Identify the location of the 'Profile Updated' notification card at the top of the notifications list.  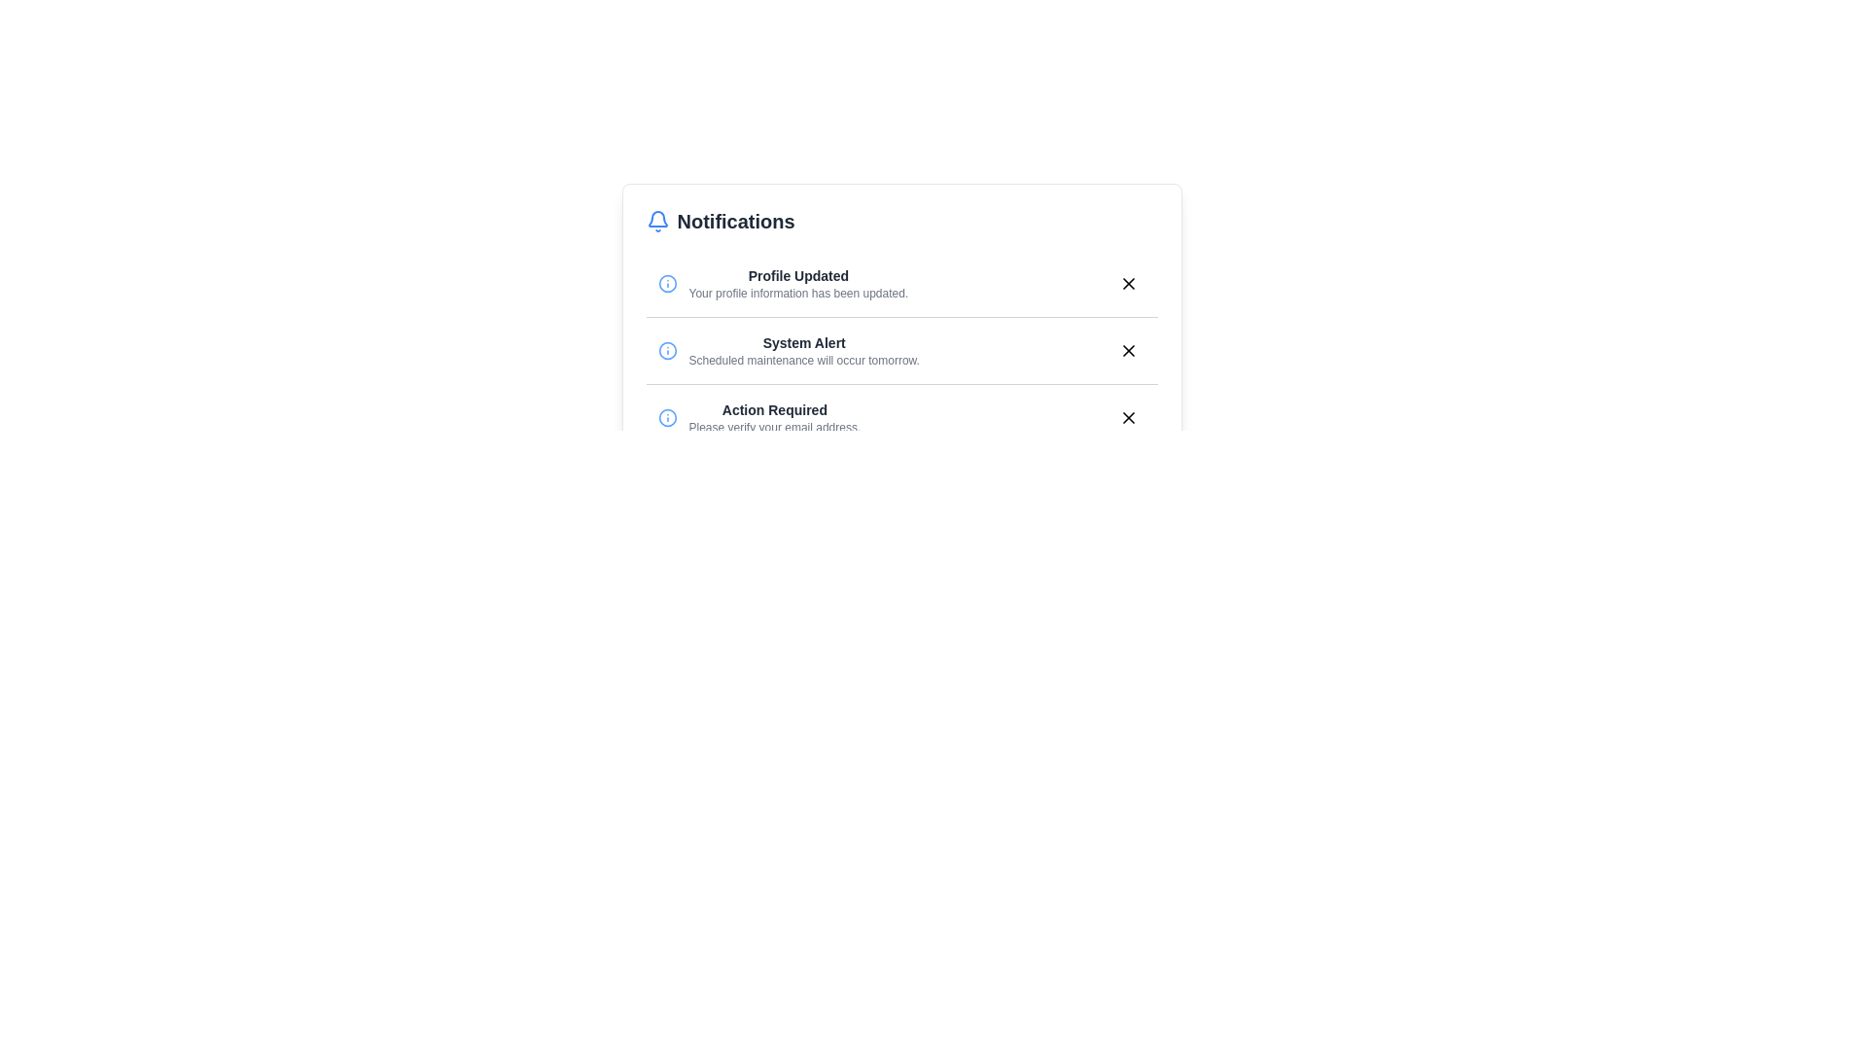
(900, 284).